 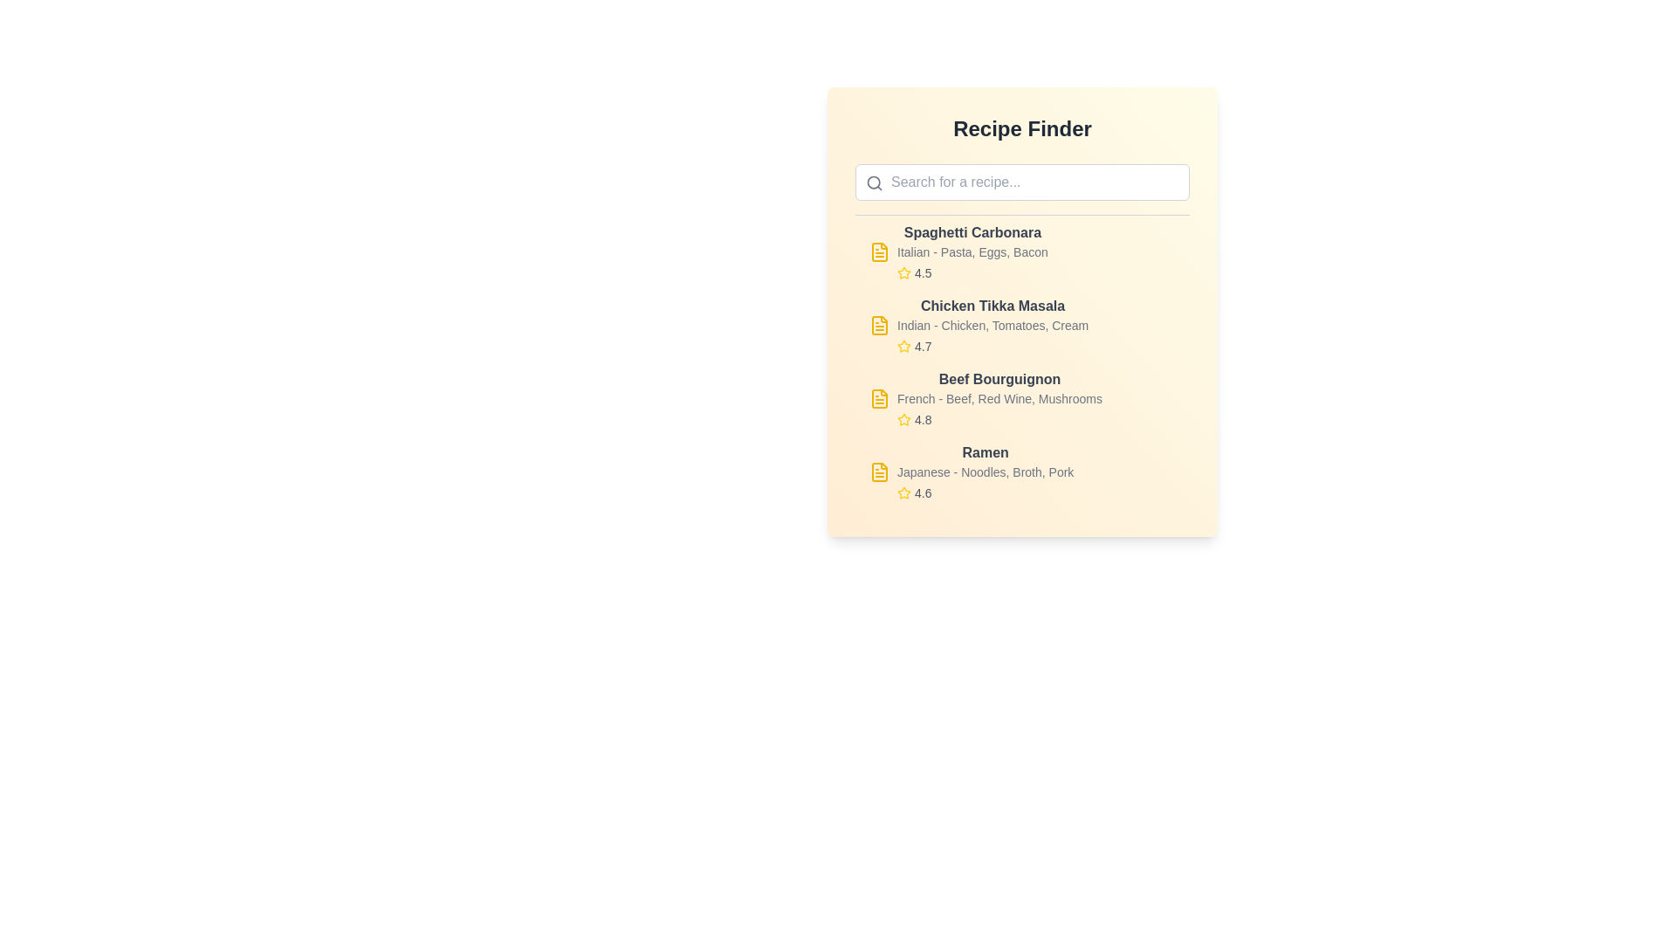 I want to click on the icon representing the 'Spaghetti Carbonara' recipe, which is the first among similar icons in the list, located to the left of the recipe title, so click(x=880, y=252).